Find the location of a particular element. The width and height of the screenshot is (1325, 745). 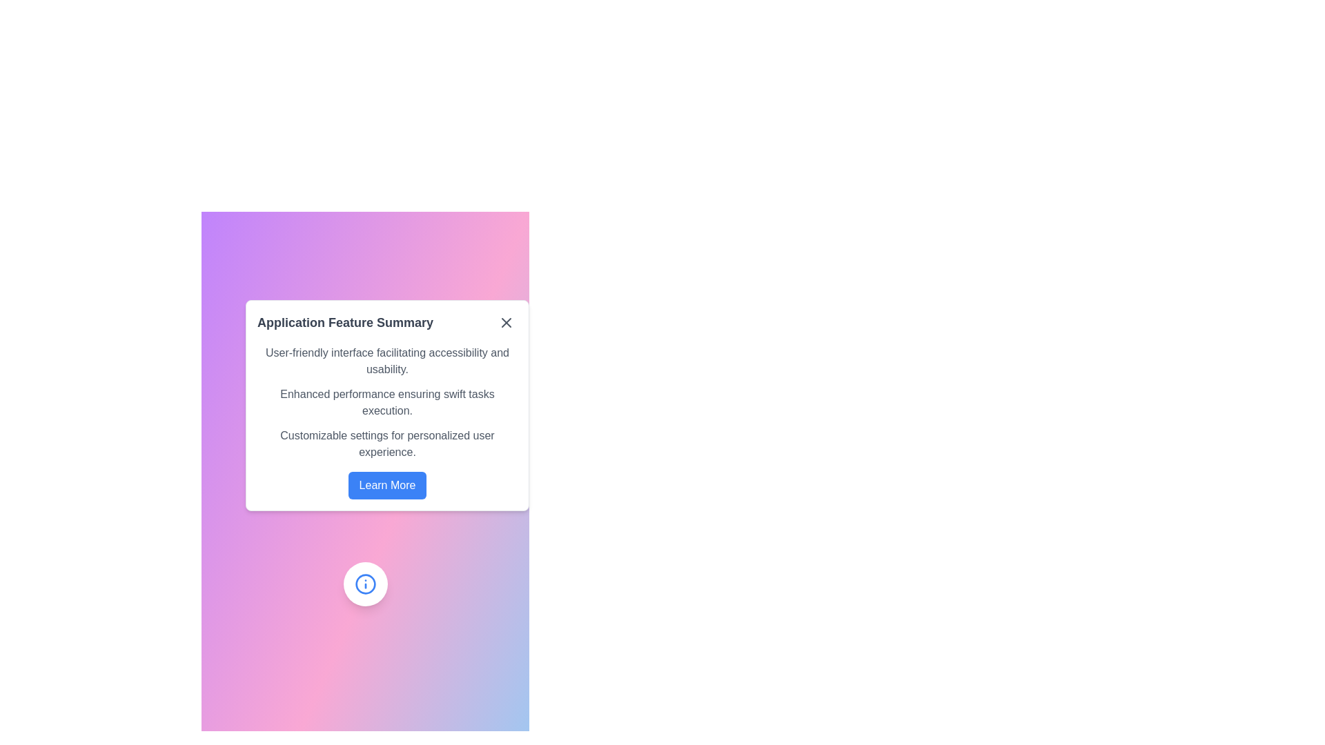

the 'X'-shaped icon button located in the top-right corner of the 'Application Feature Summary' panel is located at coordinates (506, 322).